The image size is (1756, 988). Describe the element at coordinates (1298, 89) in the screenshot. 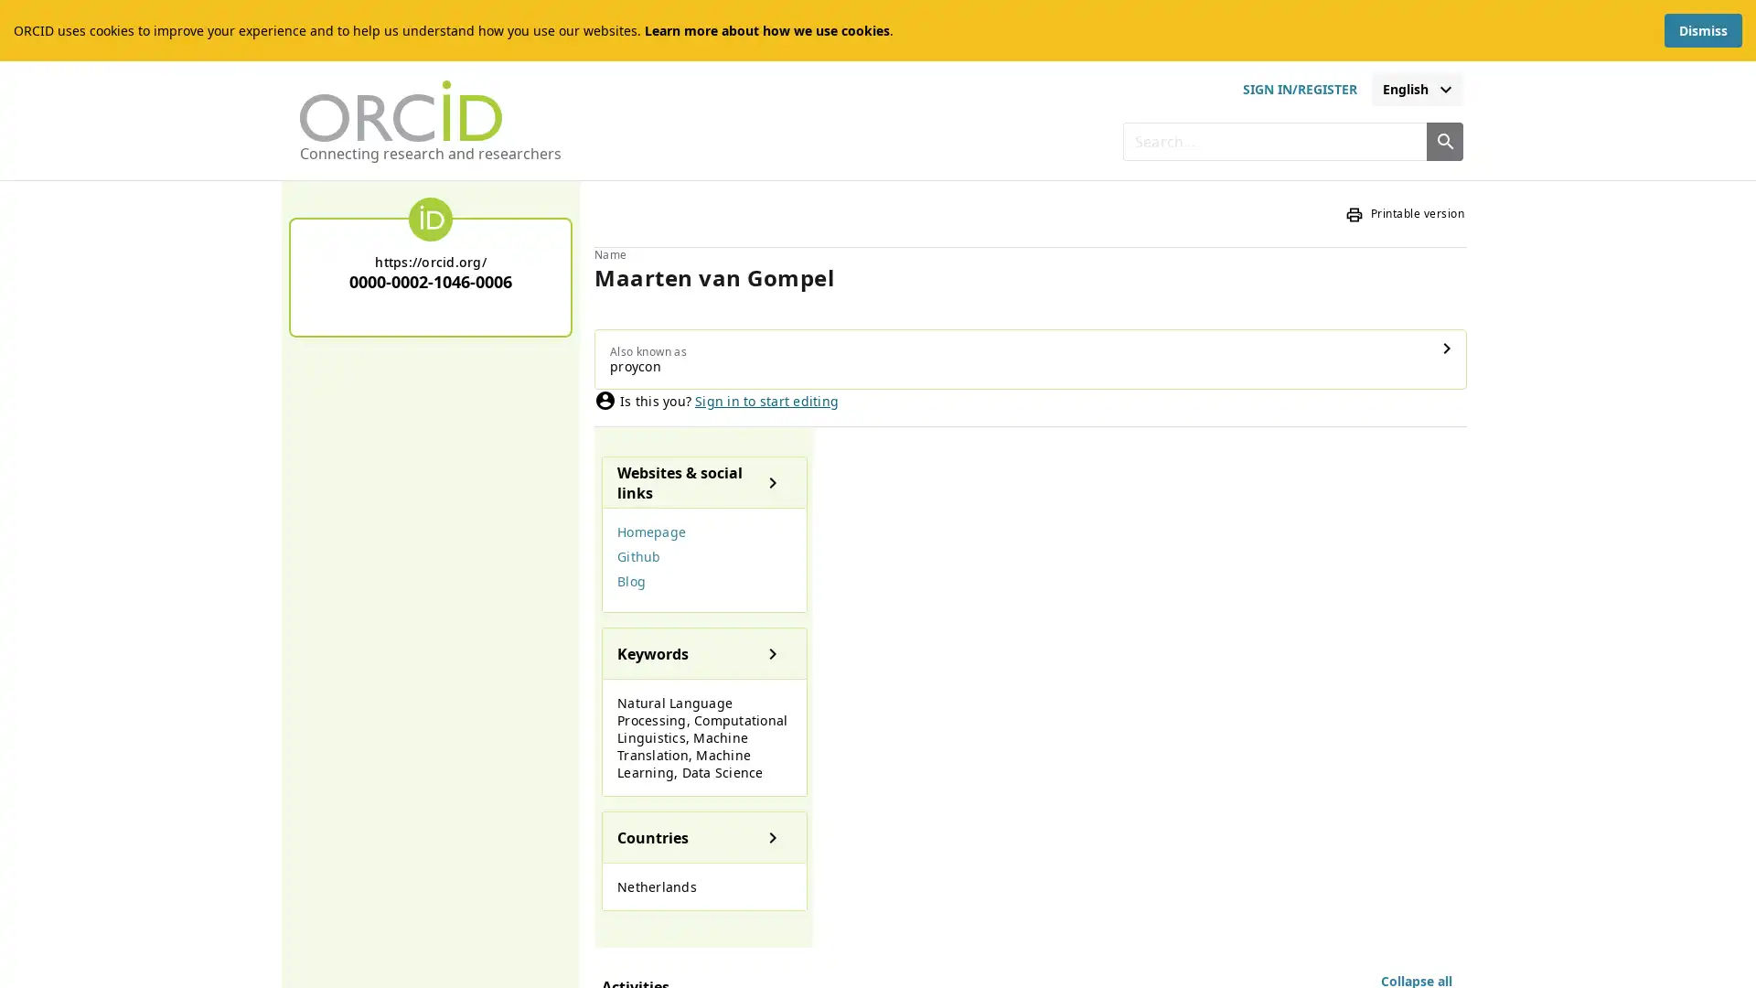

I see `sign in or register` at that location.